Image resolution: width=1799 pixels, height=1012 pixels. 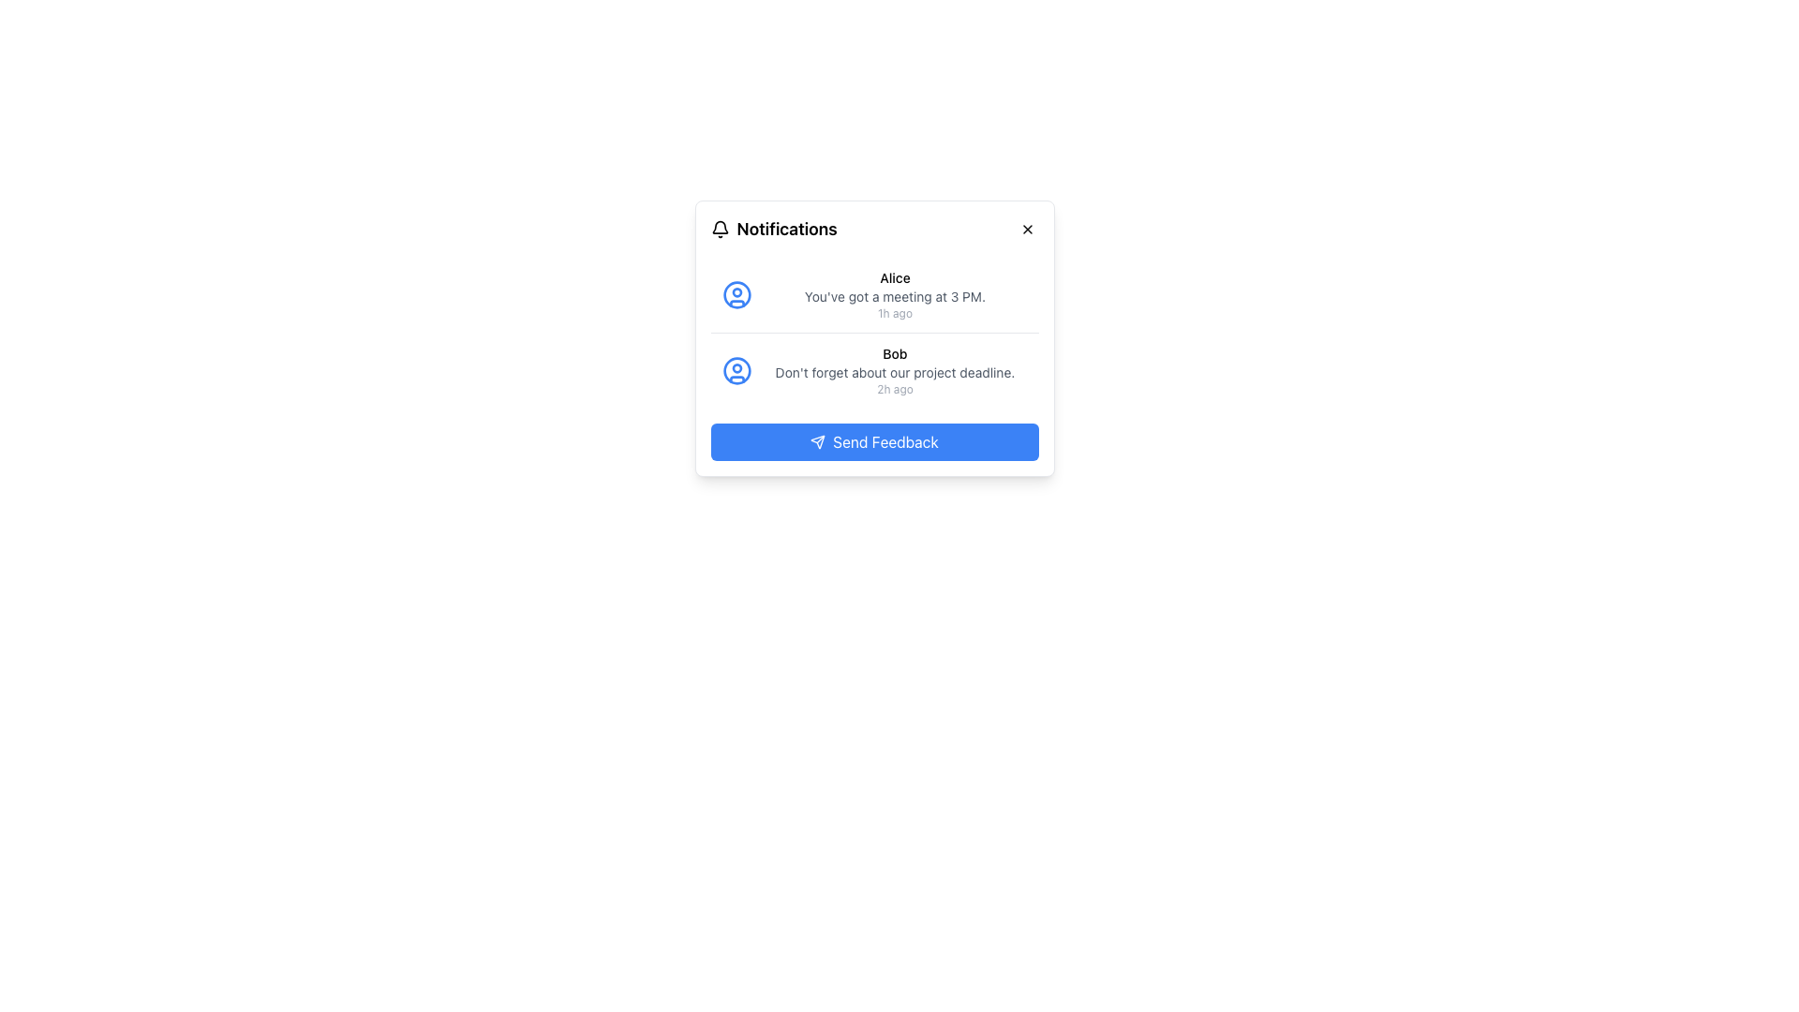 I want to click on the user icon representing 'Alice' in the notification list, which is the first icon aligned left of the text 'Alice You've got a meeting at 3 PM. 1h ago', so click(x=736, y=295).